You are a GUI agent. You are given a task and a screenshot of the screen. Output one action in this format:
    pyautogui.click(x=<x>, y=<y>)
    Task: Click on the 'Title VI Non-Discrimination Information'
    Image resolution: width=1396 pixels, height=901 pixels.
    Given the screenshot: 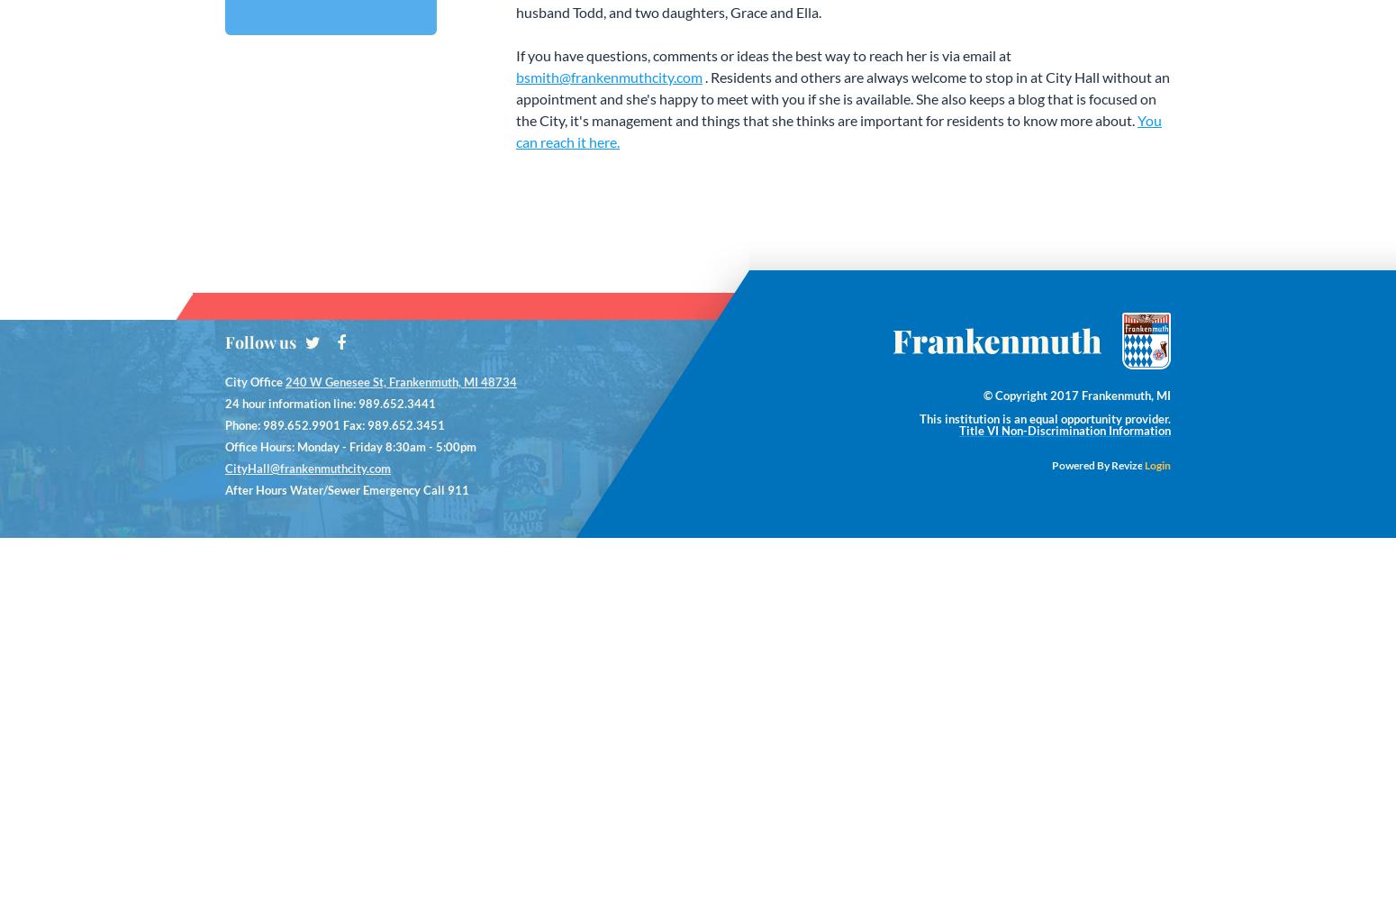 What is the action you would take?
    pyautogui.click(x=1065, y=430)
    